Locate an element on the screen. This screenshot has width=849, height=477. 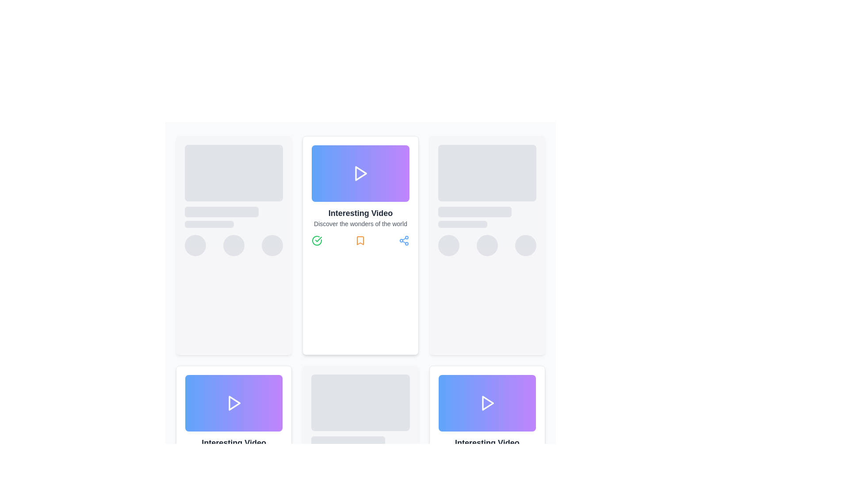
the position of the placeholder element located in the middle section of the card in the second column and first row of the grid layout is located at coordinates (486, 217).